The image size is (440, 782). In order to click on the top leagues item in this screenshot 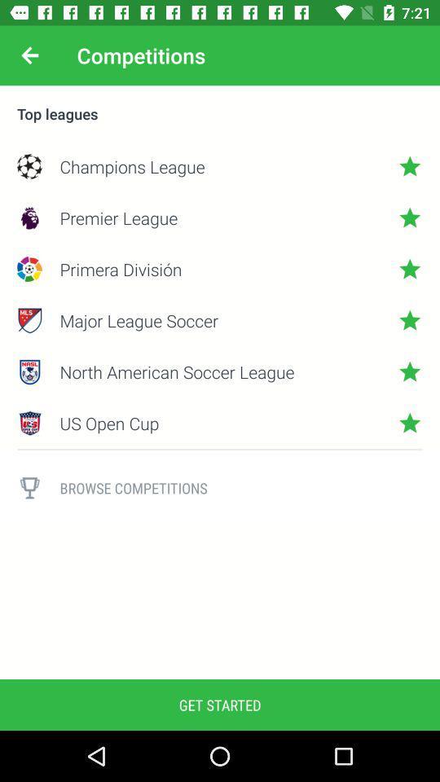, I will do `click(220, 112)`.